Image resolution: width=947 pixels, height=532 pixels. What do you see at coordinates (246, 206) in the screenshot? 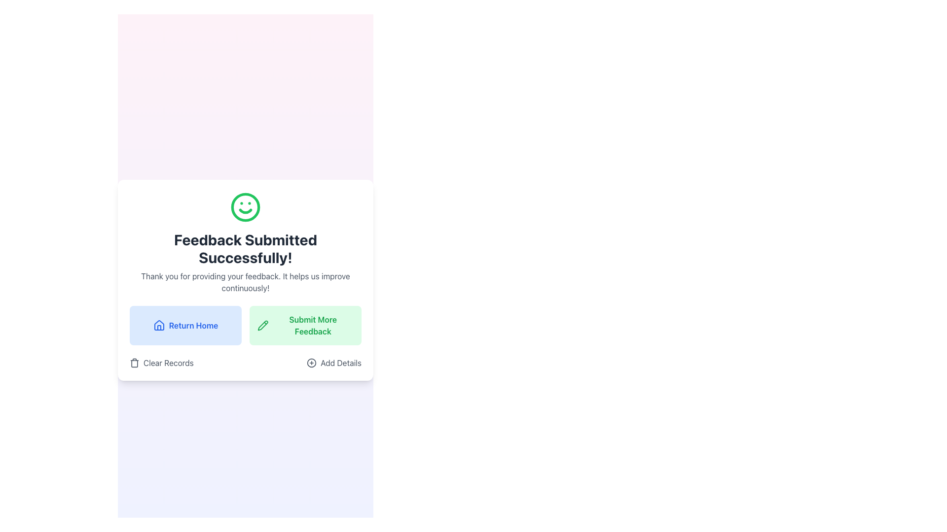
I see `the decorative success feedback icon, which features a smiley face and is positioned above the 'Feedback Submitted Successfully!' text` at bounding box center [246, 206].